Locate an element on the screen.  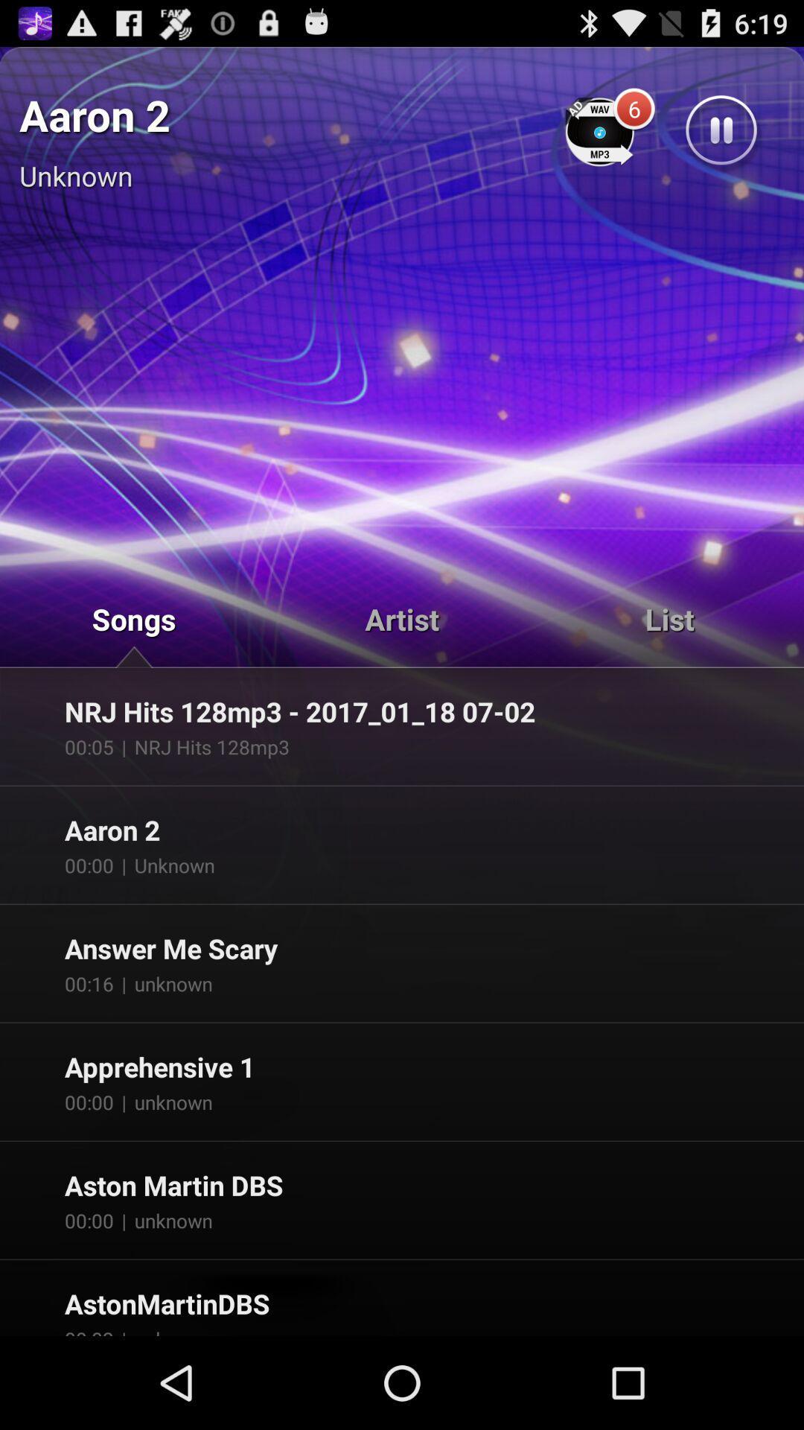
the pause icon is located at coordinates (721, 141).